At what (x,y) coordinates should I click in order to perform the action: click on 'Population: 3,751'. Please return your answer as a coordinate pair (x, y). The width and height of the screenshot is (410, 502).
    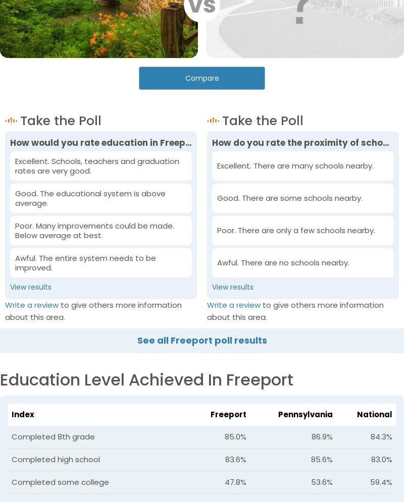
    Looking at the image, I should click on (265, 177).